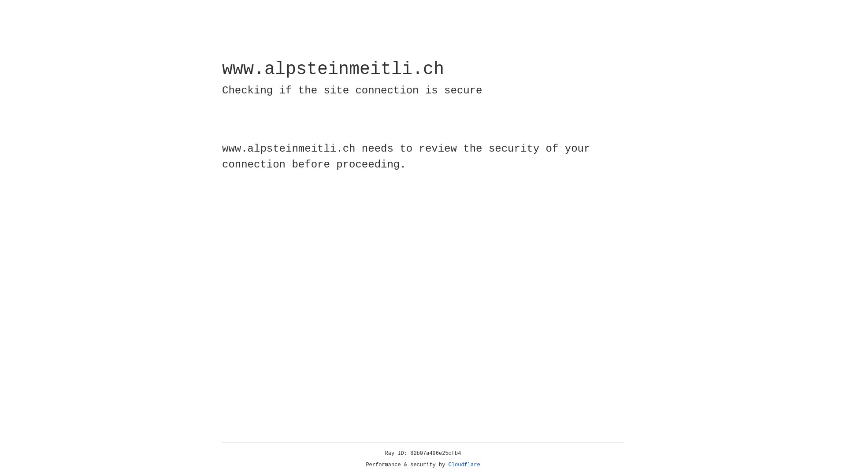 The width and height of the screenshot is (846, 476). Describe the element at coordinates (464, 465) in the screenshot. I see `'Cloudflare'` at that location.